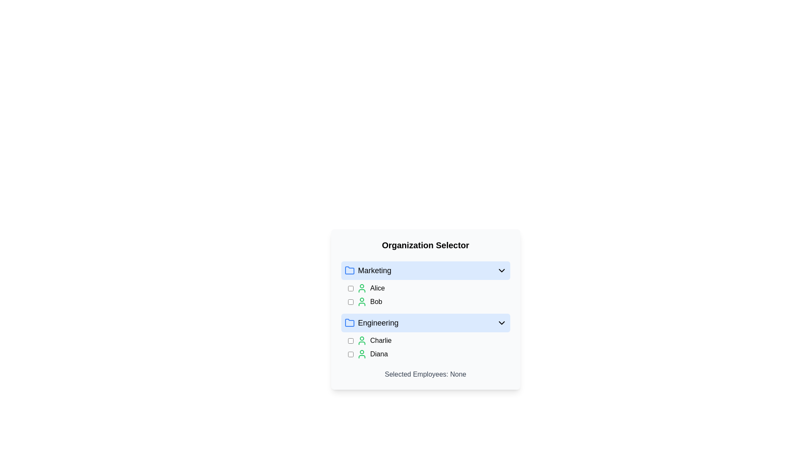  What do you see at coordinates (501, 323) in the screenshot?
I see `the chevron icon located at the far right of the 'Engineering' section header to toggle the expansion or collapse of its content` at bounding box center [501, 323].